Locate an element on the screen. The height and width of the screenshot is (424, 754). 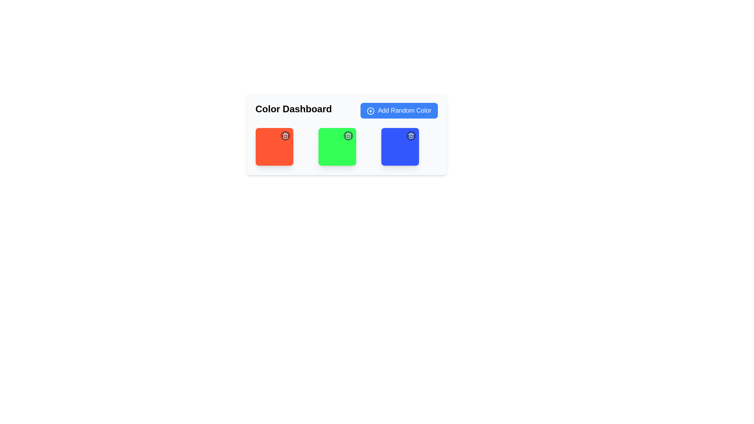
the trash can icon button located in the top-right corner of the second green square card within the 'Color Dashboard' section is located at coordinates (348, 135).